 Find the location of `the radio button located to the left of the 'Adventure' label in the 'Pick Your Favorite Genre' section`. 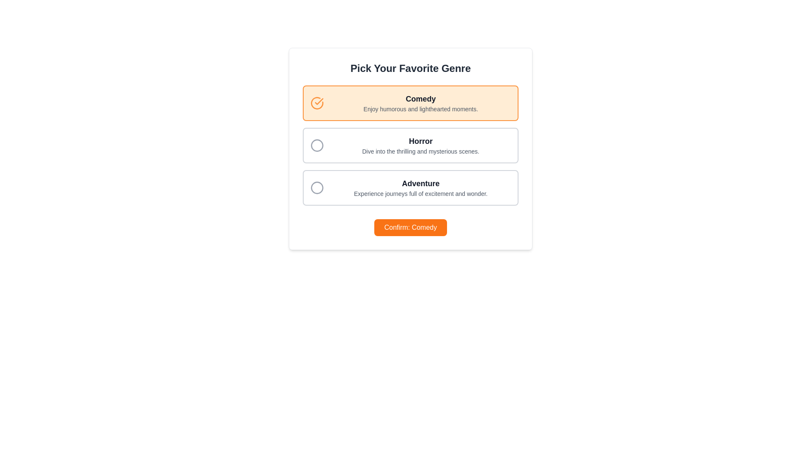

the radio button located to the left of the 'Adventure' label in the 'Pick Your Favorite Genre' section is located at coordinates (316, 187).